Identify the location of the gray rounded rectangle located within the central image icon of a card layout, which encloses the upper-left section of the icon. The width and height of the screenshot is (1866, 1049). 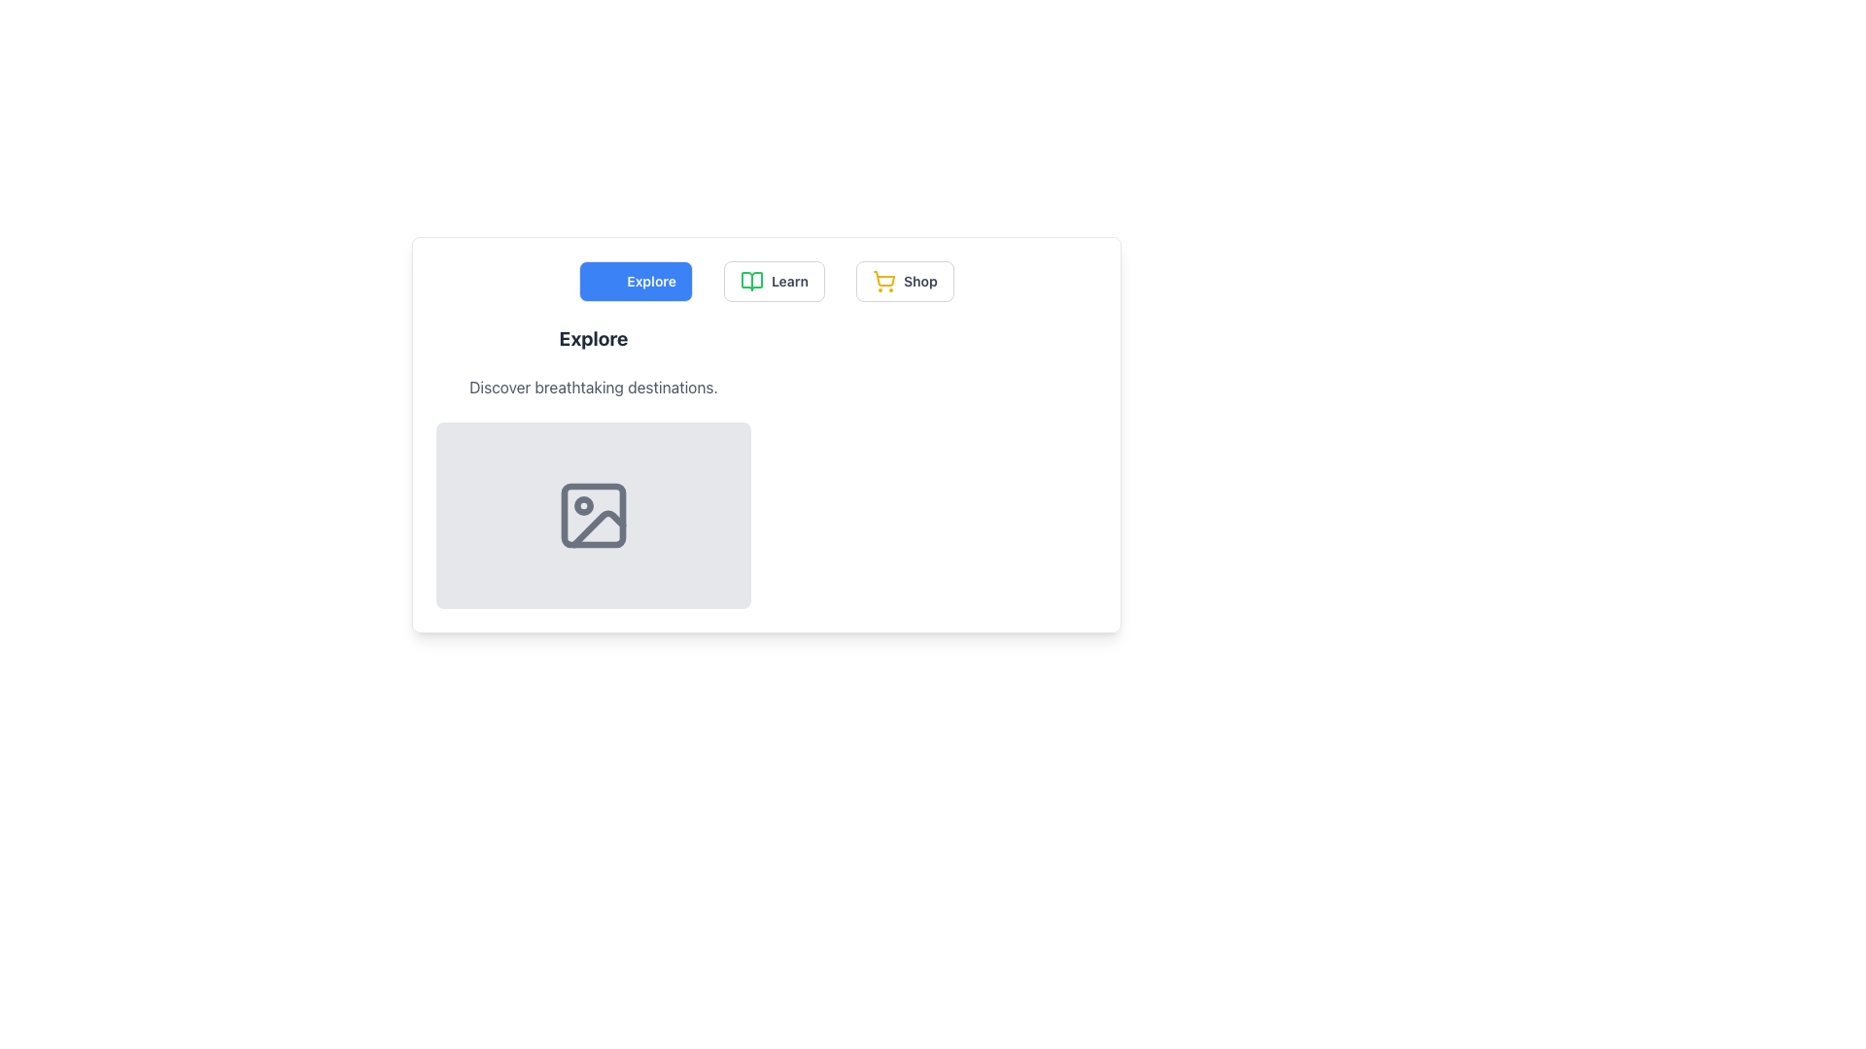
(592, 515).